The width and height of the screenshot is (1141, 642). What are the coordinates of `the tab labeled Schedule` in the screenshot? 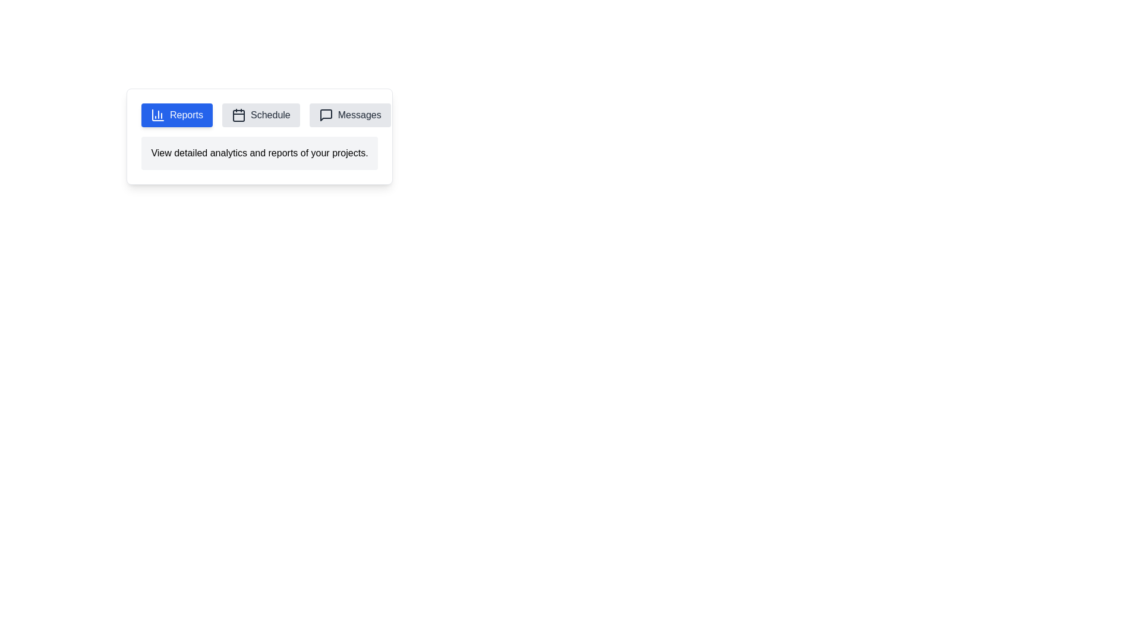 It's located at (260, 115).